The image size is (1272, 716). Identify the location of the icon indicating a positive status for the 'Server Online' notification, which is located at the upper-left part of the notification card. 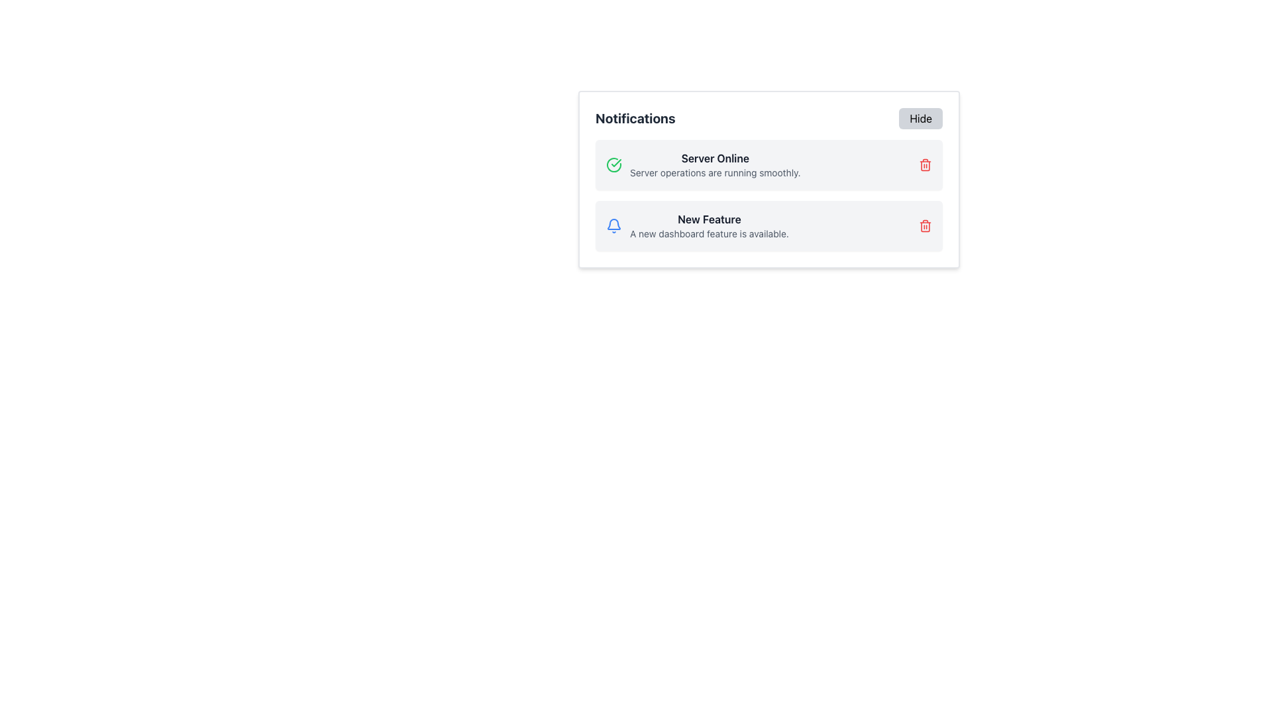
(613, 164).